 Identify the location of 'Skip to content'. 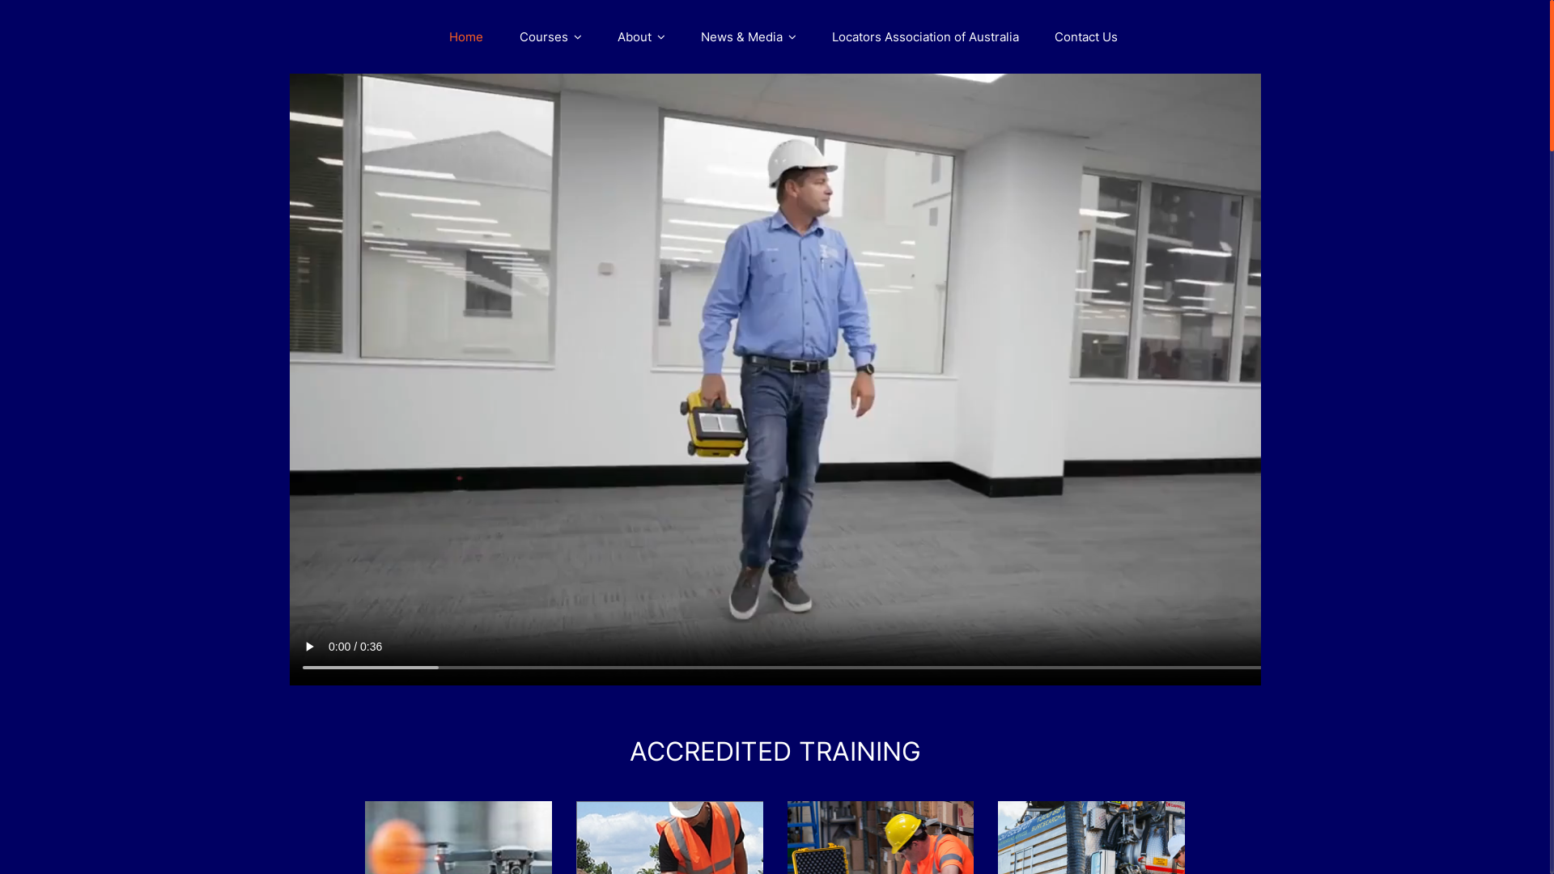
(0, 0).